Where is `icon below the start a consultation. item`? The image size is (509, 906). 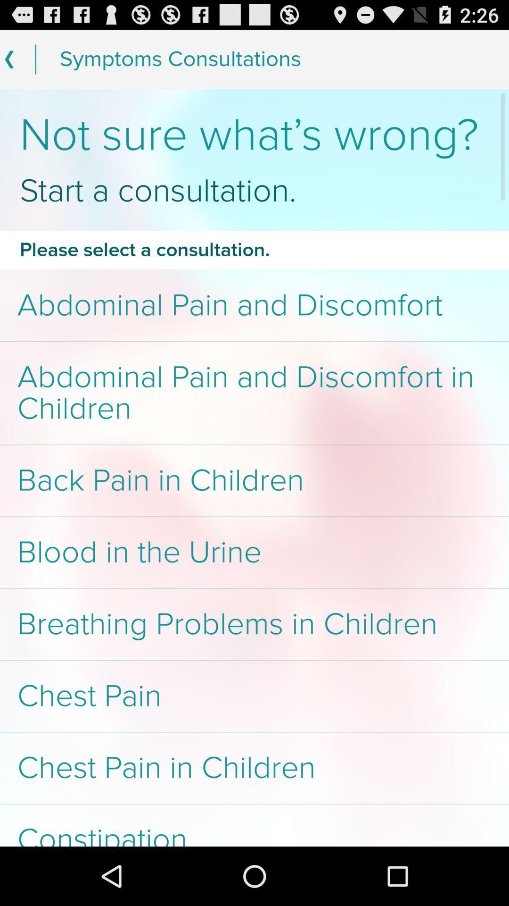
icon below the start a consultation. item is located at coordinates (254, 250).